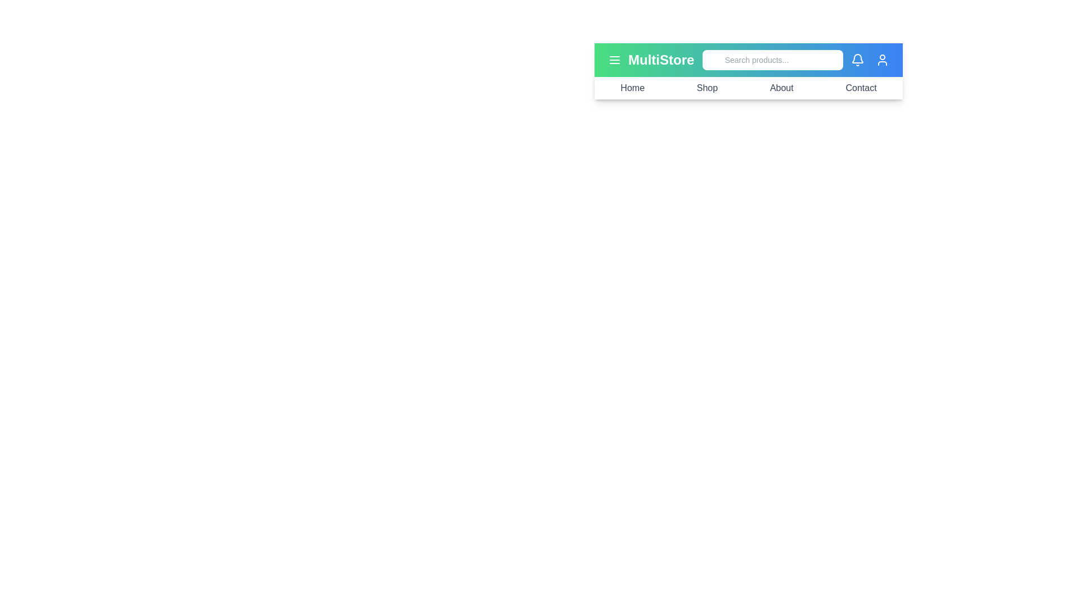 This screenshot has width=1080, height=607. I want to click on the user icon to view user details, so click(882, 60).